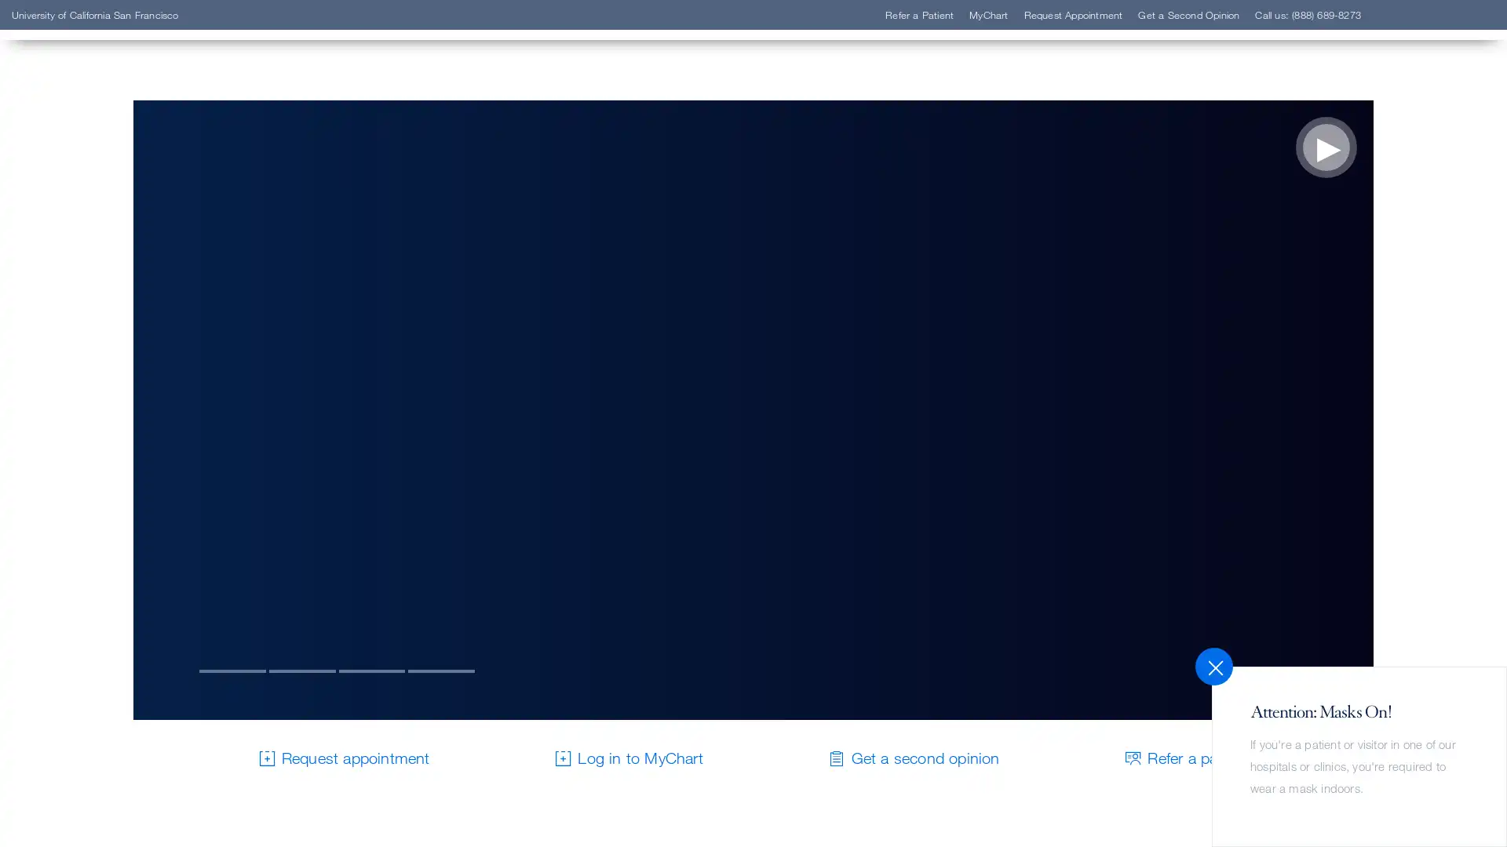  Describe the element at coordinates (108, 231) in the screenshot. I see `Find a Doctor` at that location.